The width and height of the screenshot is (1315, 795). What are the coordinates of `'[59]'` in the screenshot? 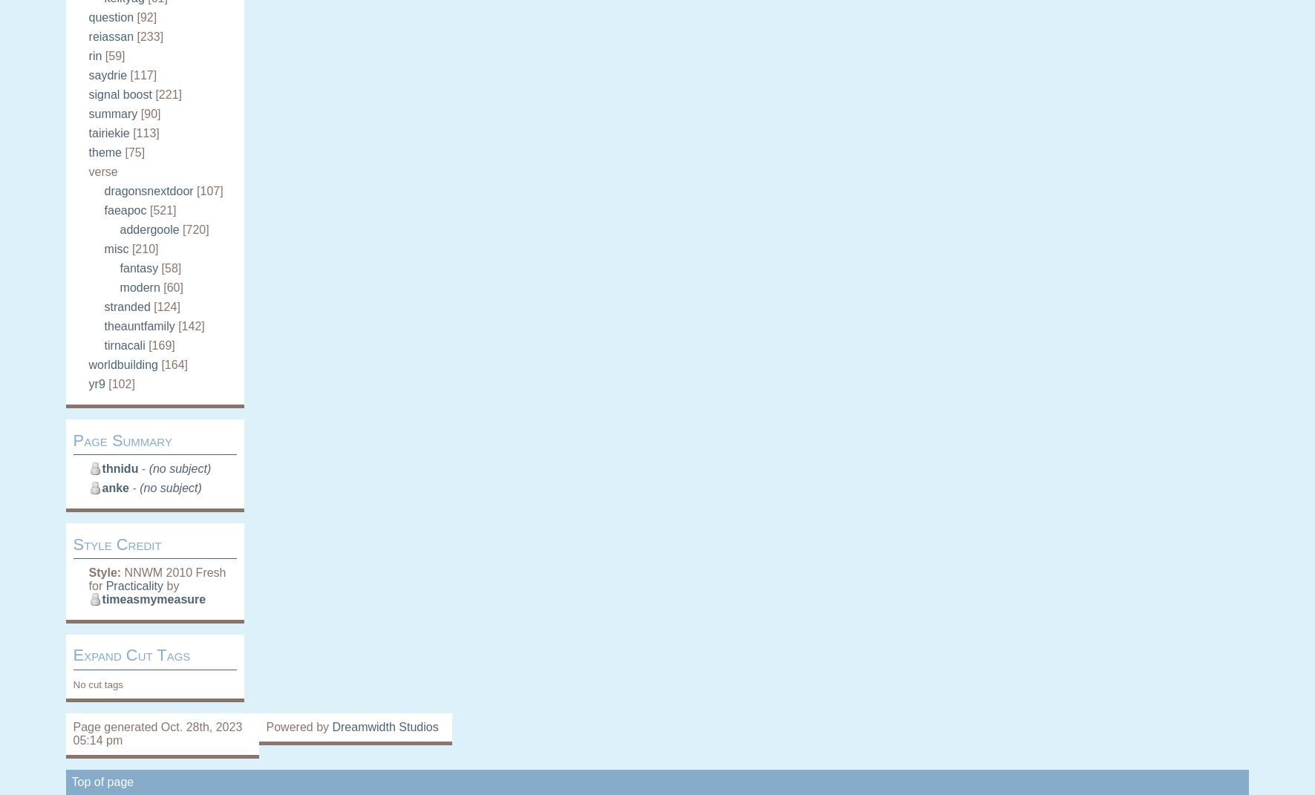 It's located at (114, 55).